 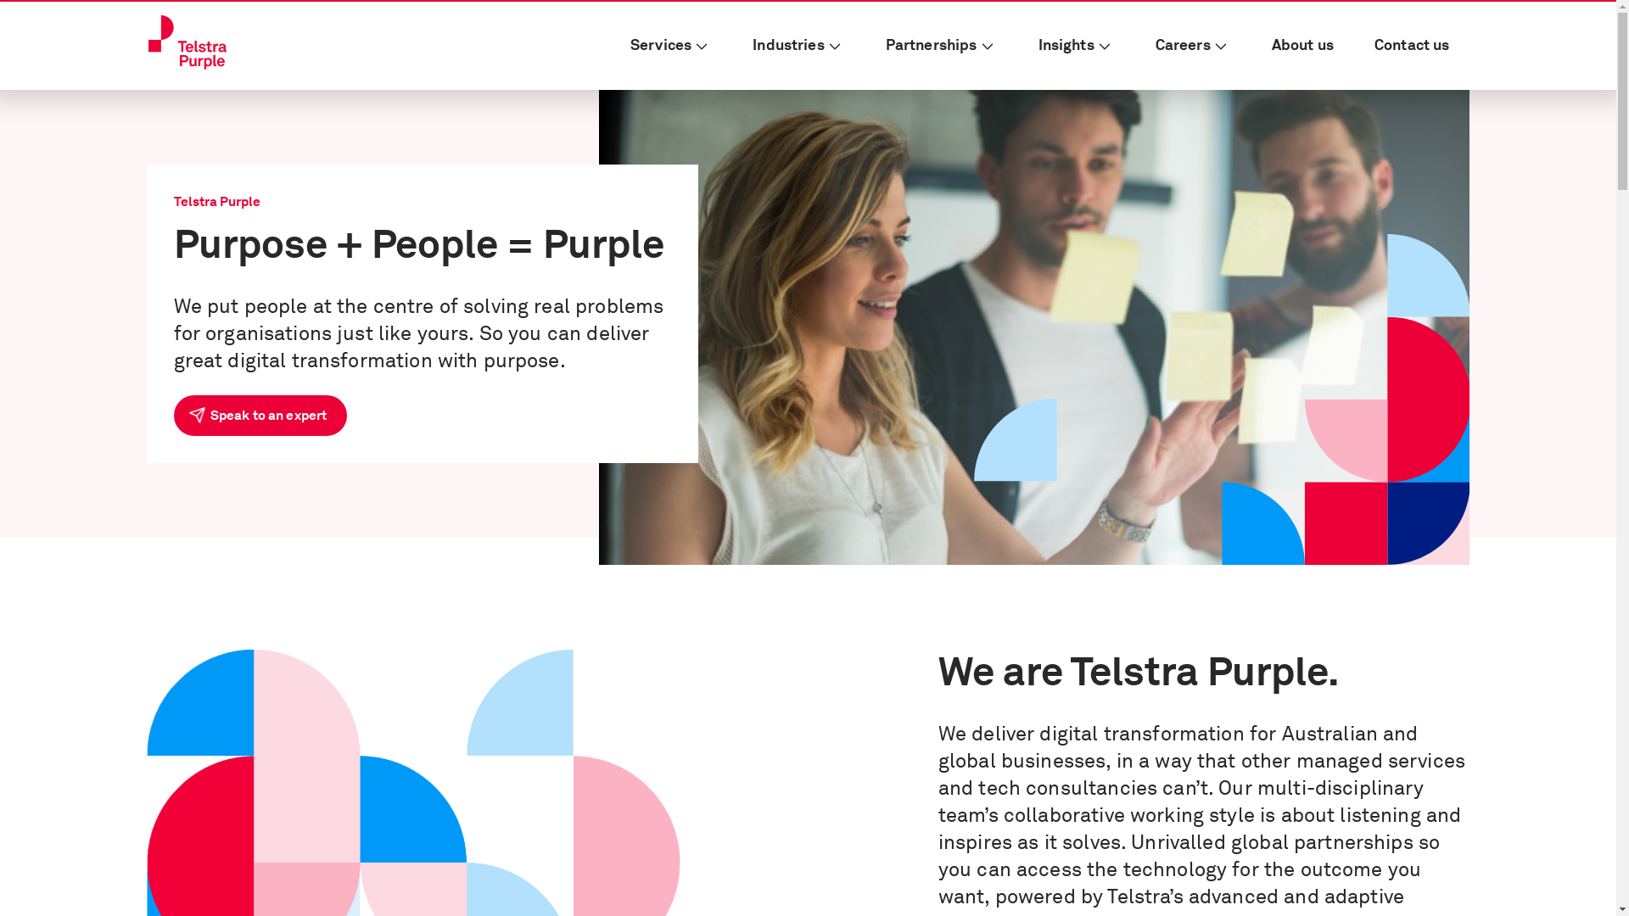 I want to click on 'Partnerships', so click(x=940, y=45).